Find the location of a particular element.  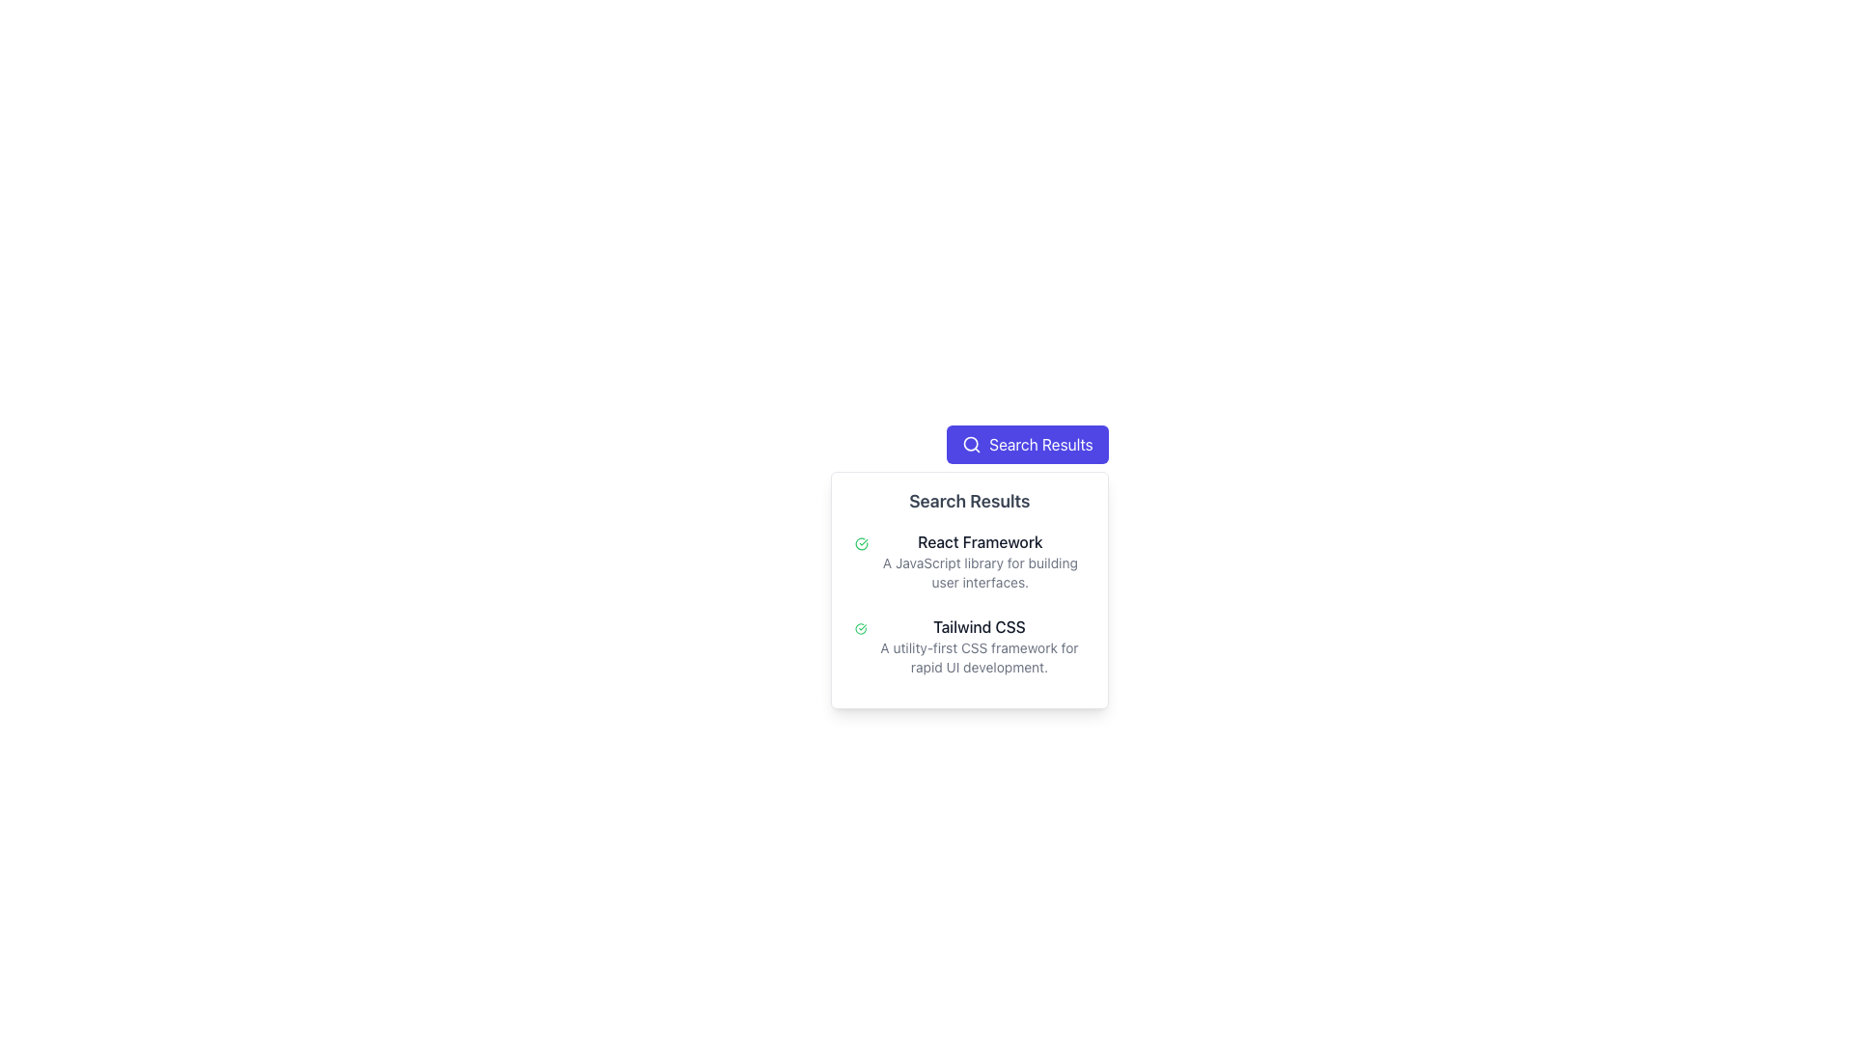

the status indicator icon located to the left of the 'Tailwind CSS' text in the second search result card is located at coordinates (860, 628).